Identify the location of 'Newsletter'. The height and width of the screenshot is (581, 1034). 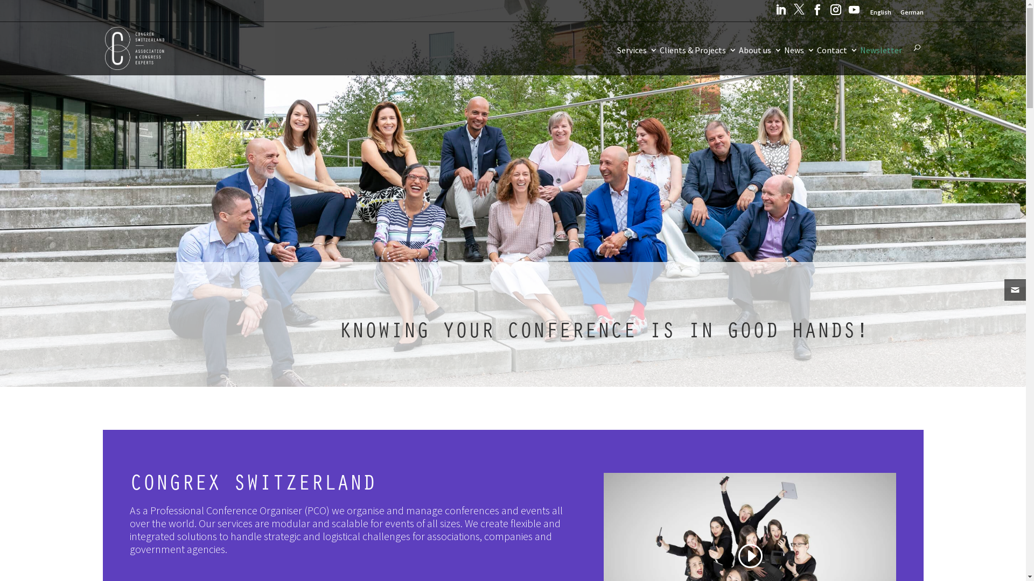
(859, 60).